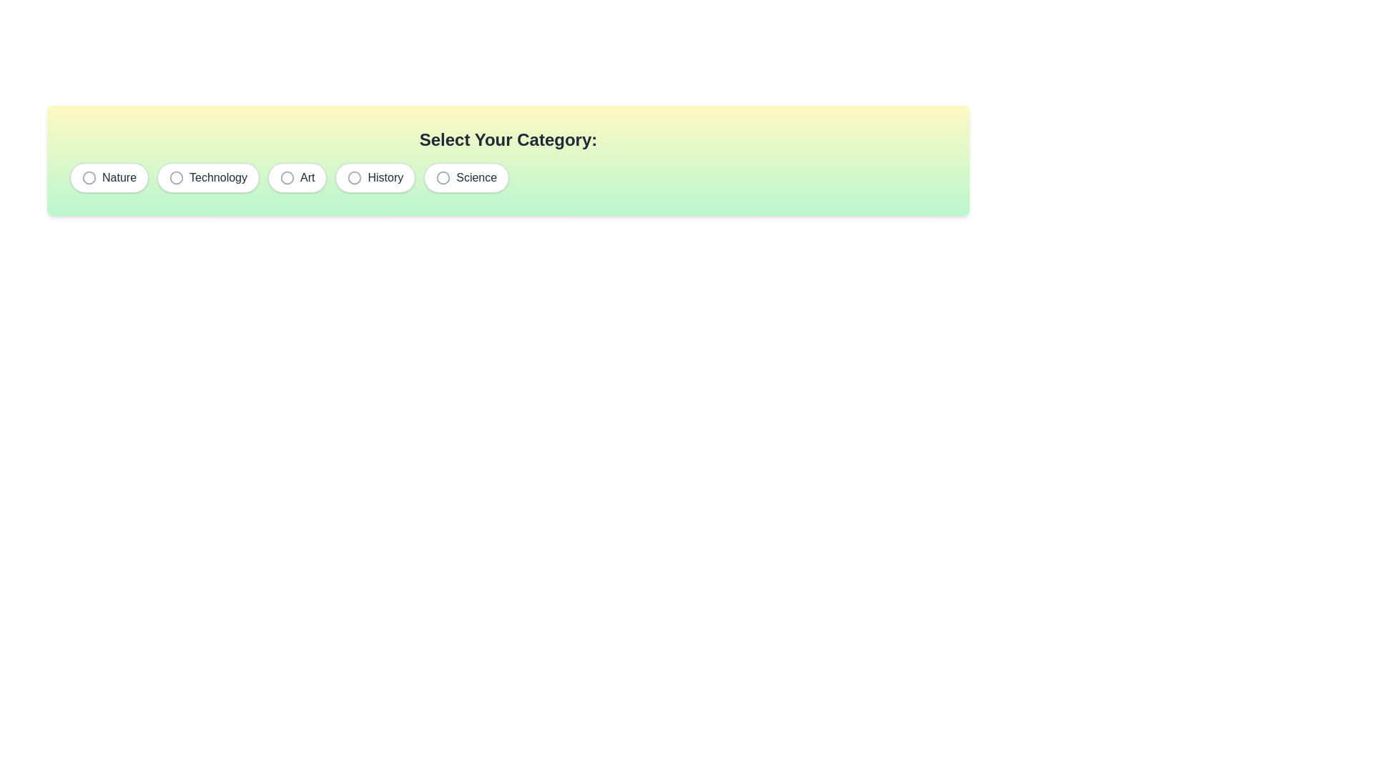  What do you see at coordinates (297, 177) in the screenshot?
I see `the chip corresponding to the category Art` at bounding box center [297, 177].